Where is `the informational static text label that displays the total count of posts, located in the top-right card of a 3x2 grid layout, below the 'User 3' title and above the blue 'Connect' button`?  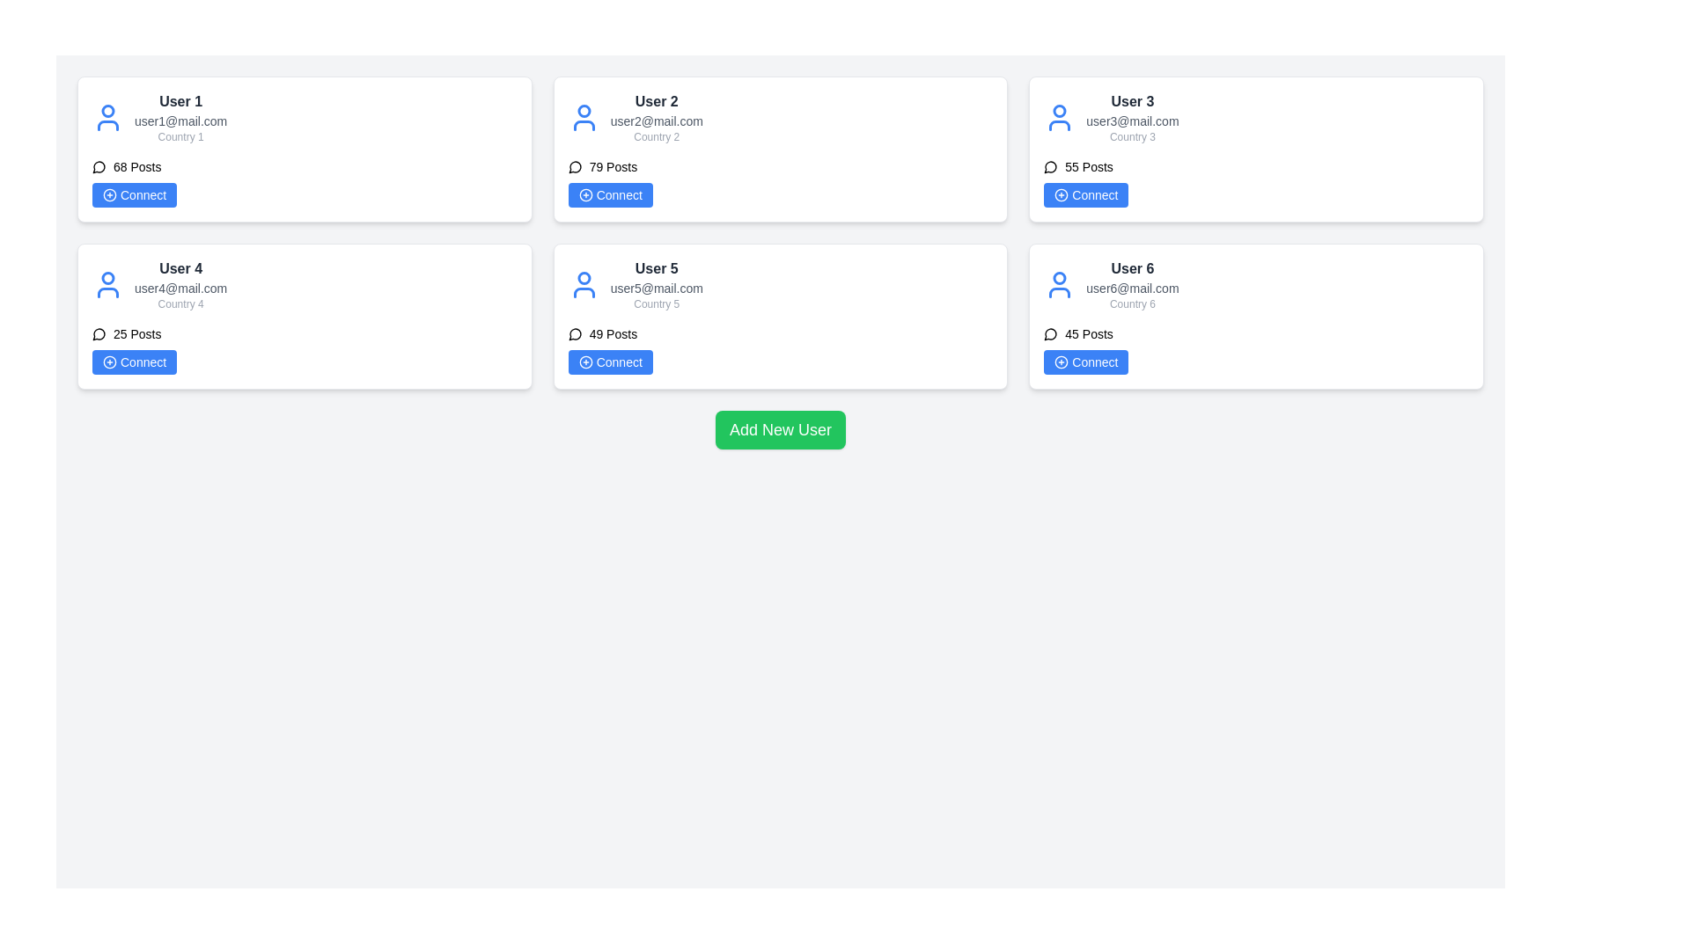 the informational static text label that displays the total count of posts, located in the top-right card of a 3x2 grid layout, below the 'User 3' title and above the blue 'Connect' button is located at coordinates (1088, 166).